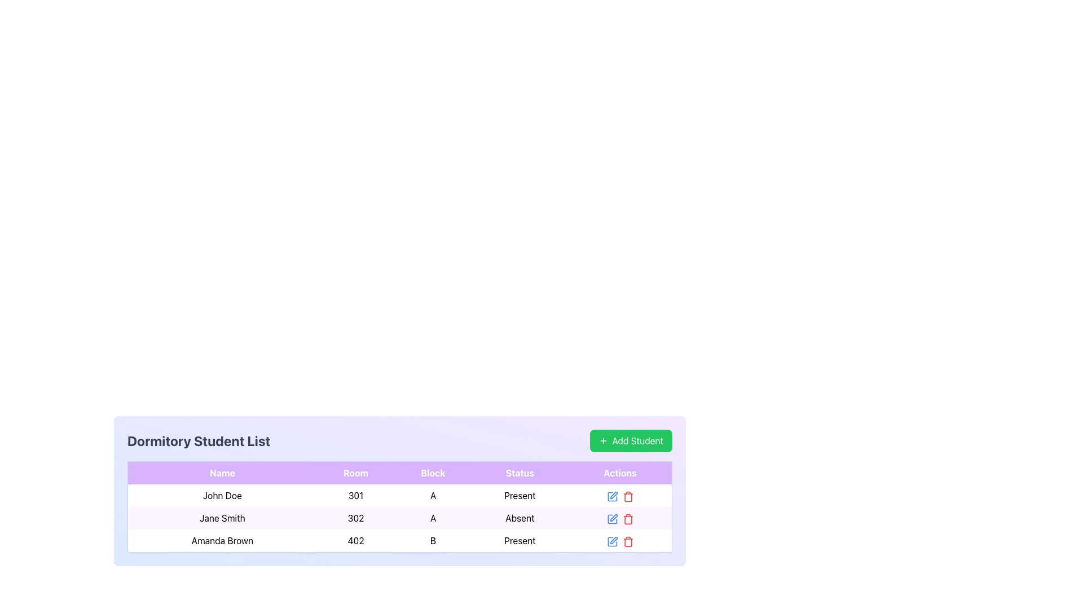 The width and height of the screenshot is (1083, 609). What do you see at coordinates (611, 540) in the screenshot?
I see `the small blue pen icon in the 'Actions' column of the student list table for 'Amanda Brown'` at bounding box center [611, 540].